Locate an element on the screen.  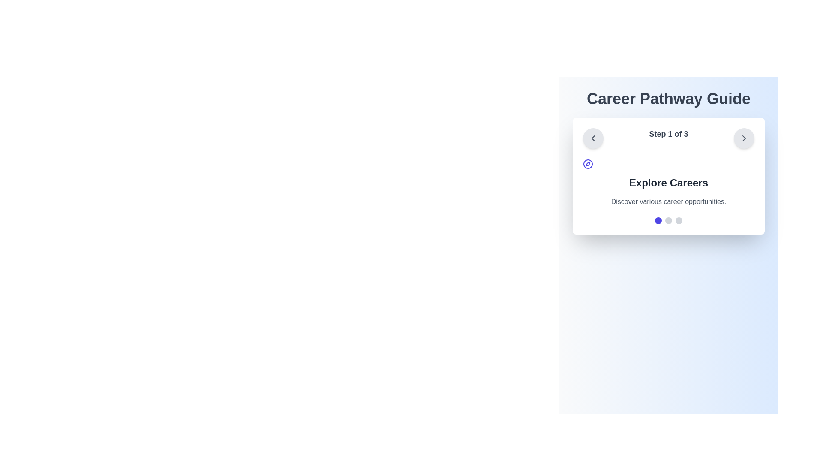
the first circle indicator in the Career Pathway Guide card is located at coordinates (658, 220).